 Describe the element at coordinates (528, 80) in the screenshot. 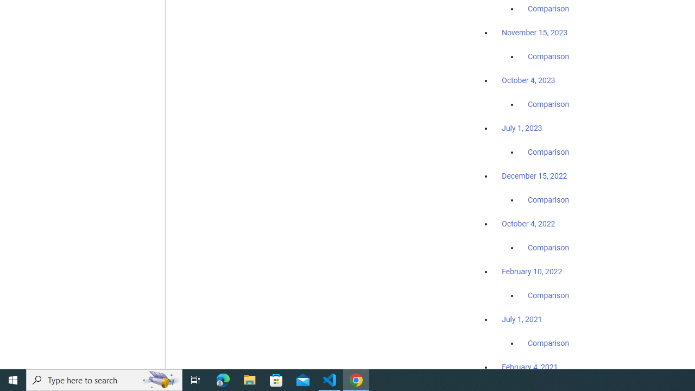

I see `'October 4, 2023'` at that location.